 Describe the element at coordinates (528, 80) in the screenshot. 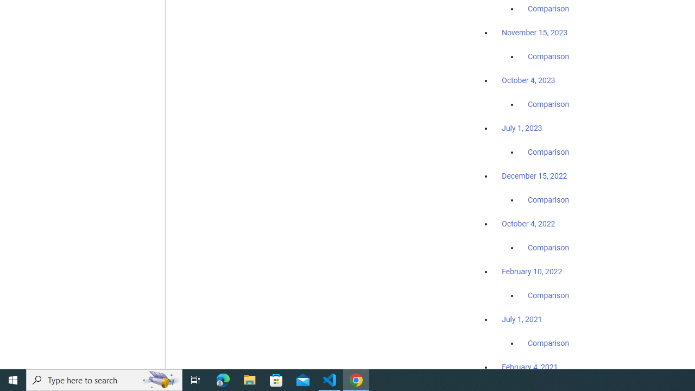

I see `'October 4, 2023'` at that location.